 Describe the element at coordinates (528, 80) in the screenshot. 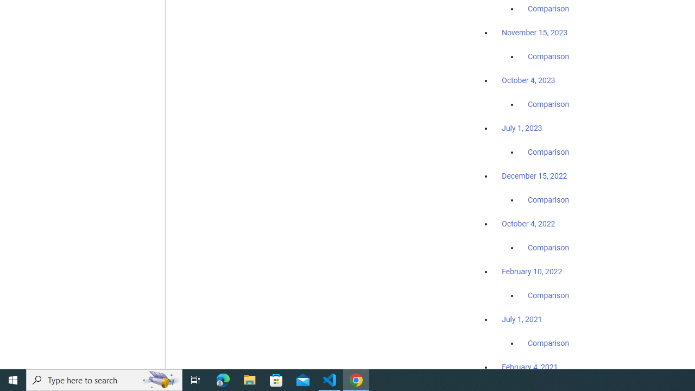

I see `'October 4, 2023'` at that location.